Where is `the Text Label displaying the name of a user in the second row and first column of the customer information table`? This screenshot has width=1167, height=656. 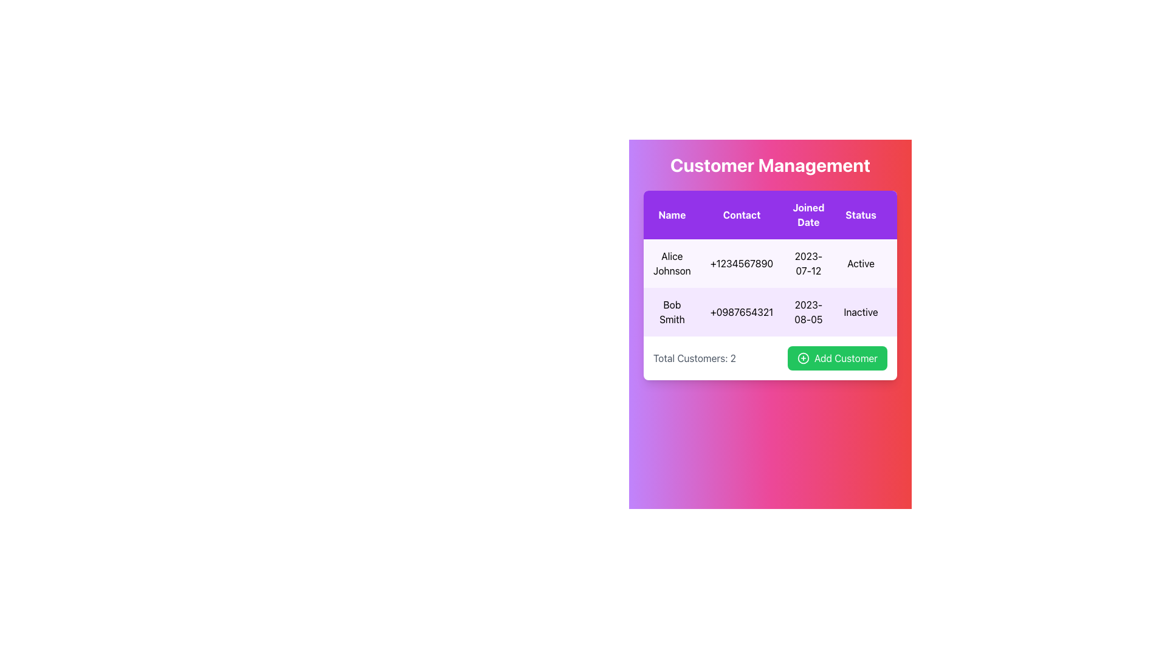
the Text Label displaying the name of a user in the second row and first column of the customer information table is located at coordinates (671, 311).